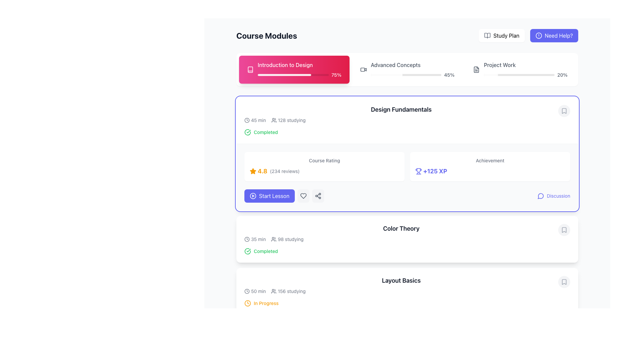 Image resolution: width=641 pixels, height=360 pixels. I want to click on the file icon located on the right side of the 'Advanced Concepts' and 'Project Work' progress indicators, so click(476, 69).